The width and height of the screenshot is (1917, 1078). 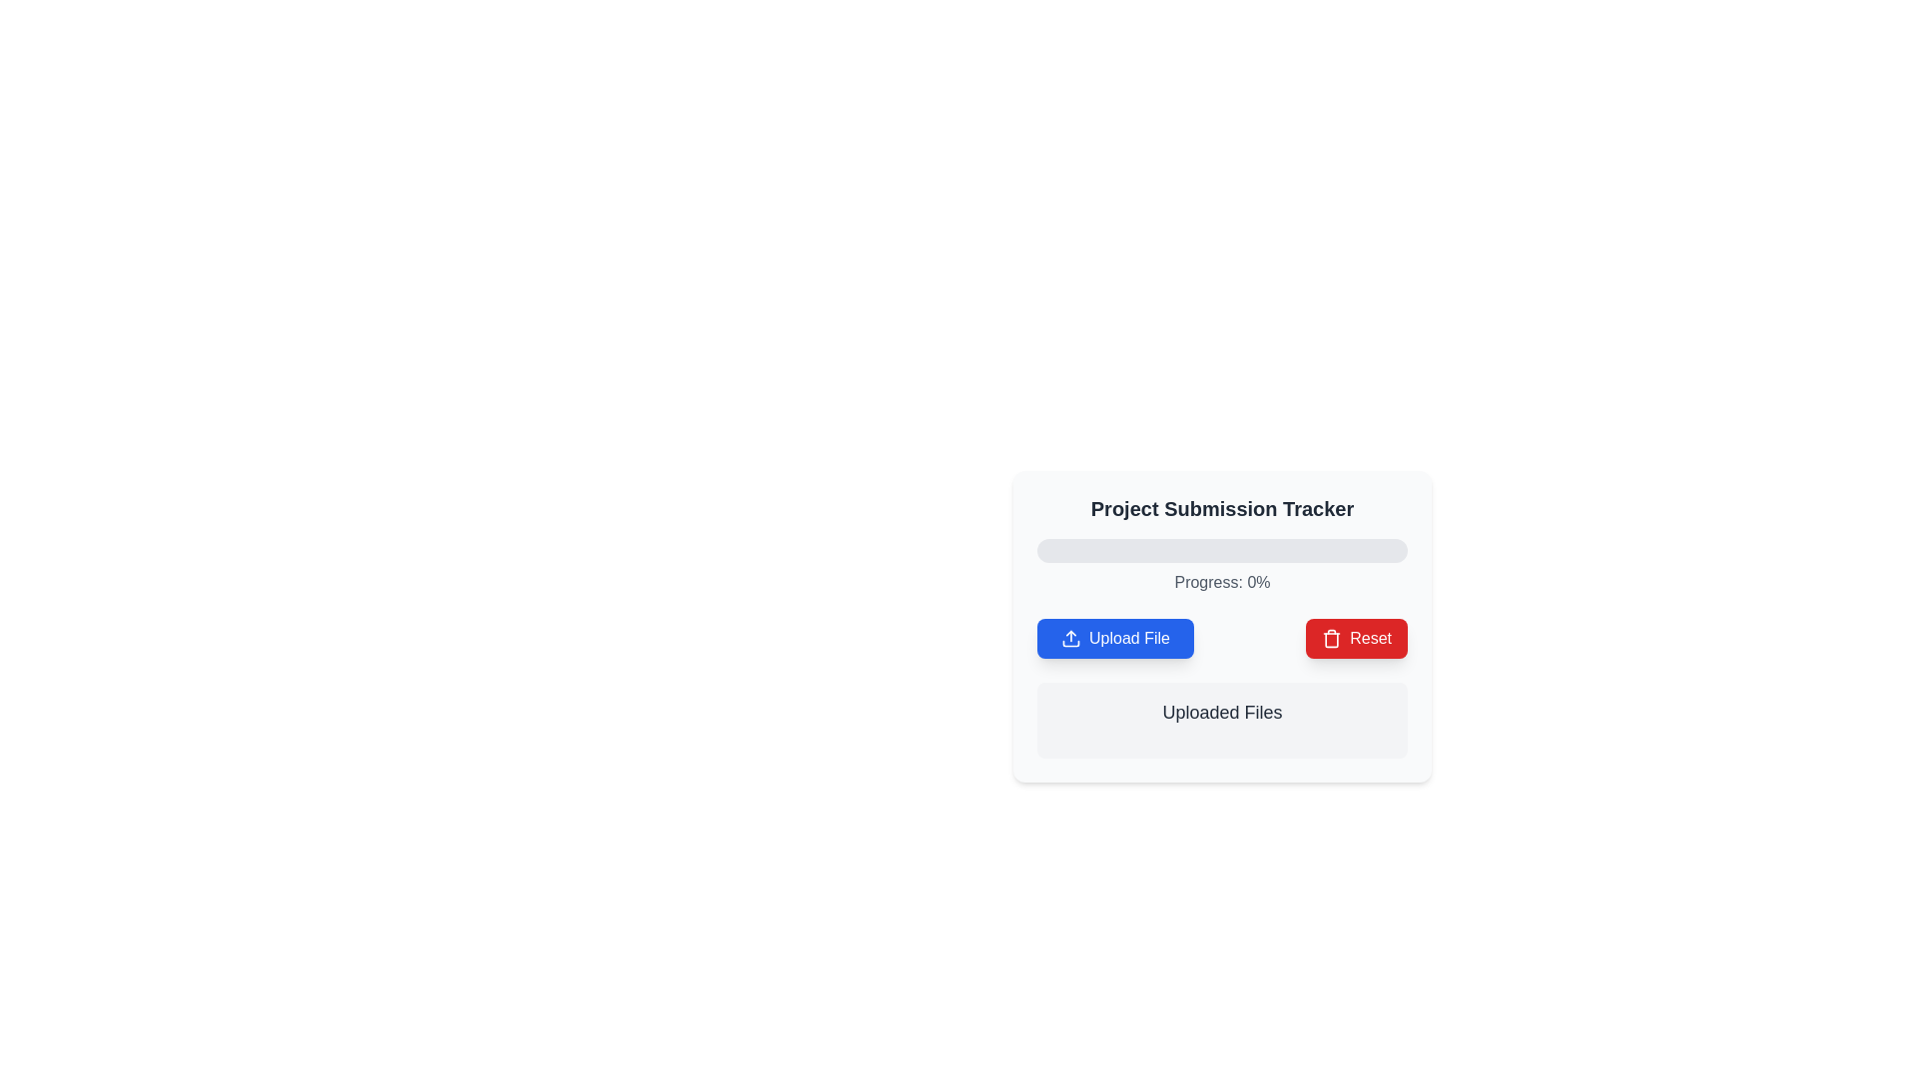 I want to click on the static text block labeled 'Uploaded Files', which has a light gray background and is positioned below the 'Upload File' and 'Reset' buttons, so click(x=1221, y=720).